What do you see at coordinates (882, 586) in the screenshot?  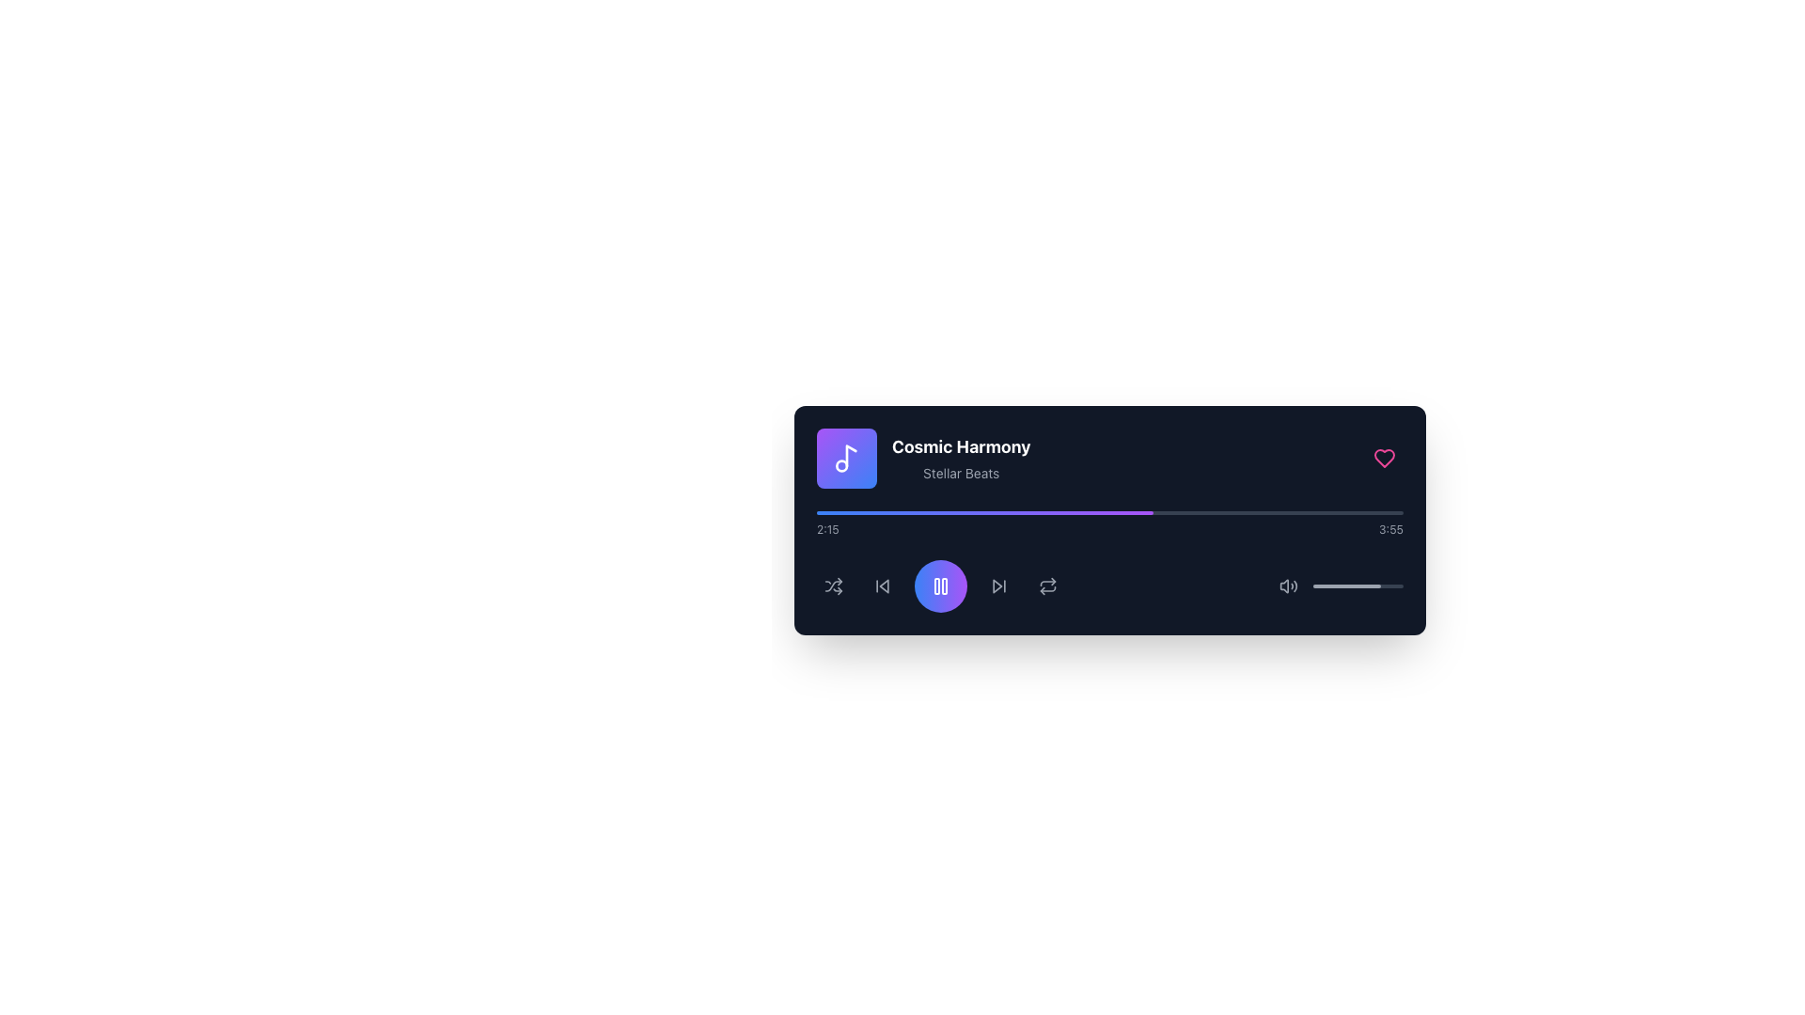 I see `the second control button from the left in the music player's control panel to return to the previous track in the playlist` at bounding box center [882, 586].